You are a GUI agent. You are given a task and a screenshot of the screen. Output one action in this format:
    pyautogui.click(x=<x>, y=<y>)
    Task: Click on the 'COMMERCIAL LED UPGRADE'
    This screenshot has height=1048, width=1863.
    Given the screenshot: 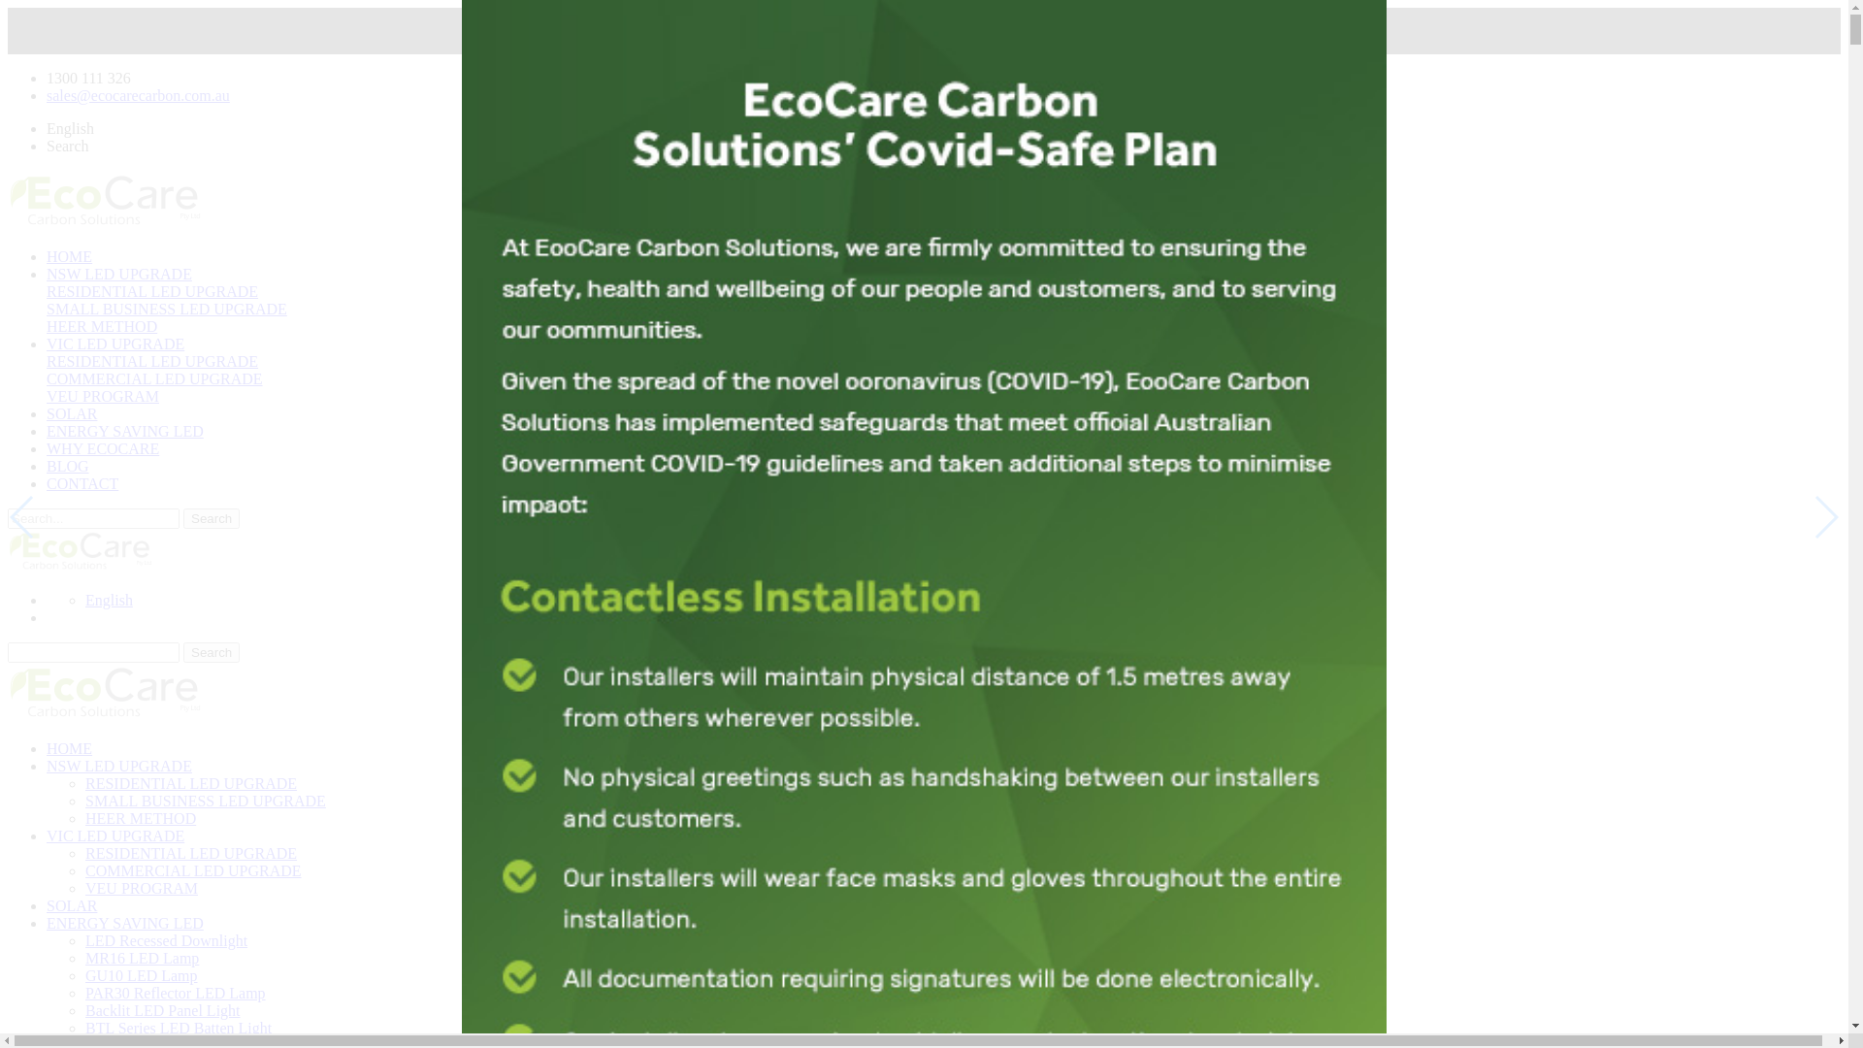 What is the action you would take?
    pyautogui.click(x=153, y=378)
    